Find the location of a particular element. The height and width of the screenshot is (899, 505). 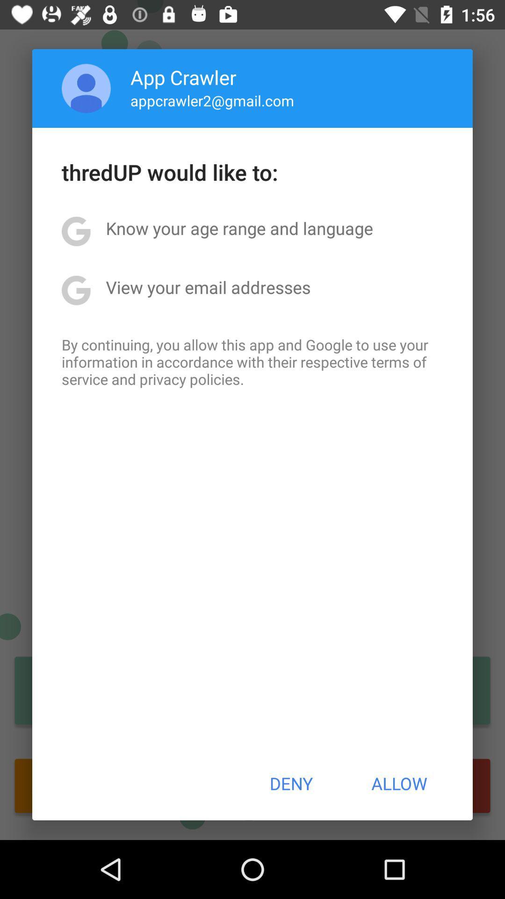

the deny button is located at coordinates (290, 783).